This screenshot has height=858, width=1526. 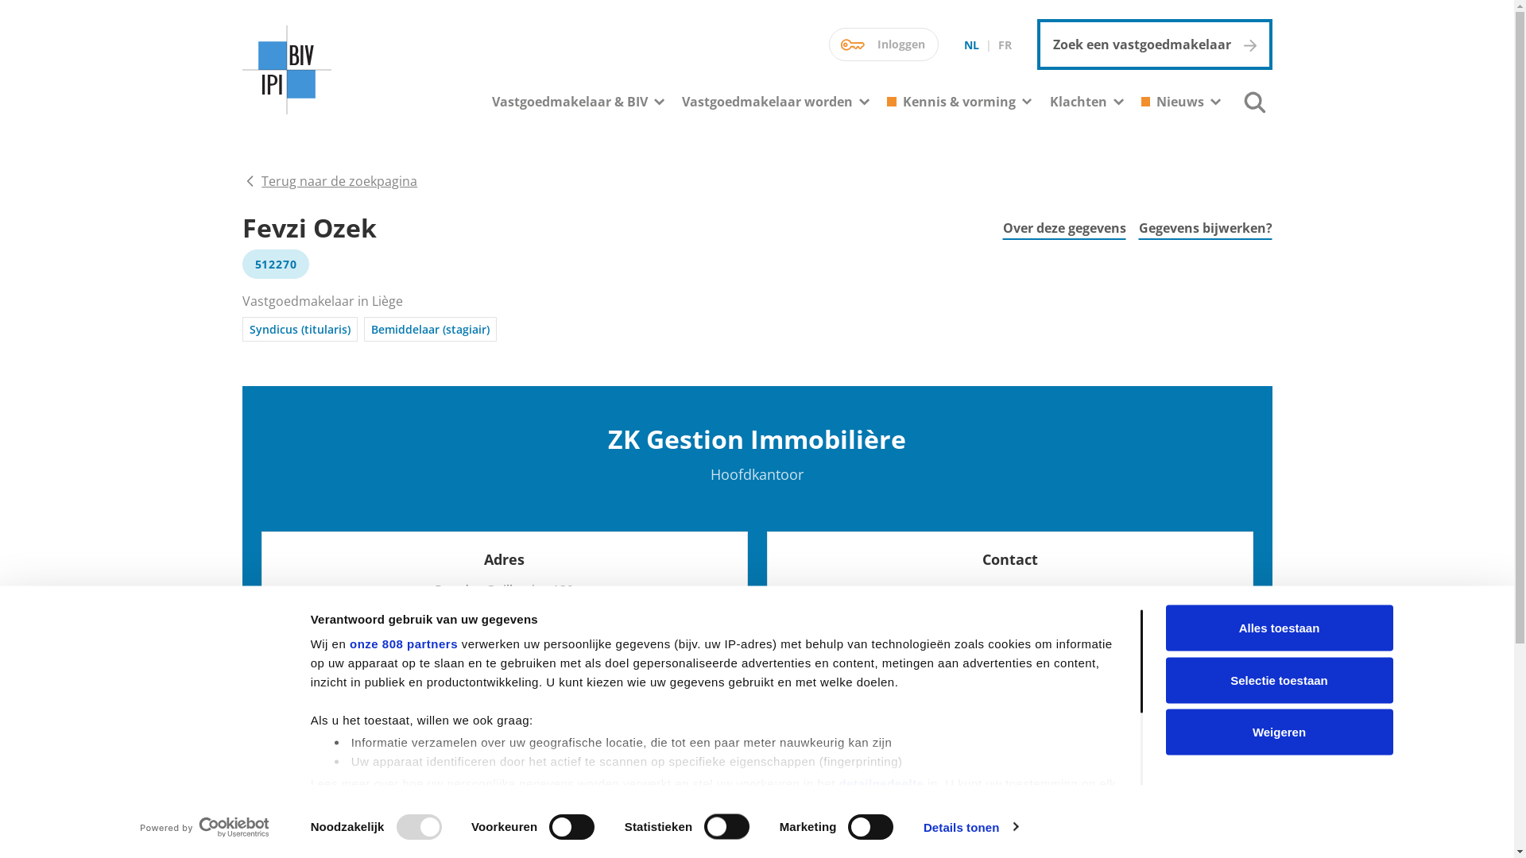 What do you see at coordinates (958, 101) in the screenshot?
I see `'Kennis & vorming'` at bounding box center [958, 101].